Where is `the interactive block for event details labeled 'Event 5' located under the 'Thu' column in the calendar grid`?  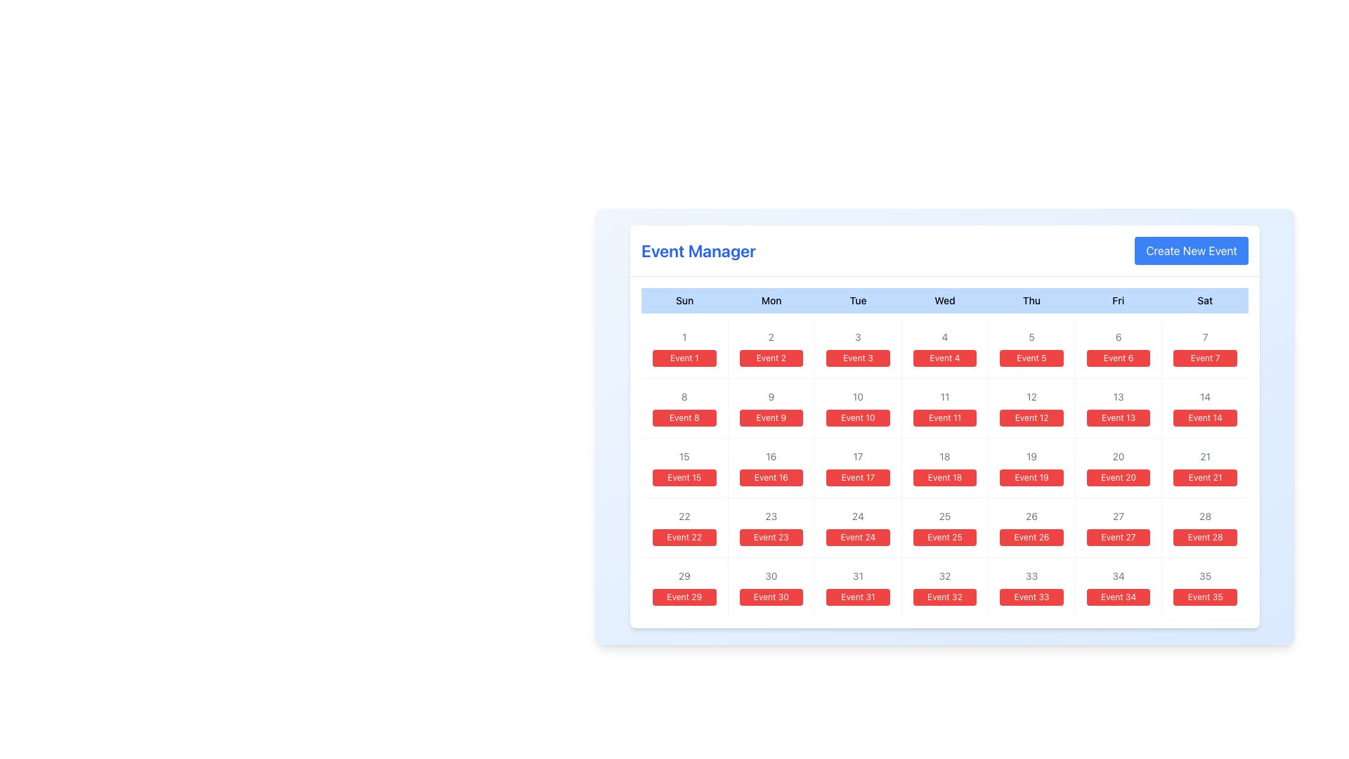 the interactive block for event details labeled 'Event 5' located under the 'Thu' column in the calendar grid is located at coordinates (1031, 348).